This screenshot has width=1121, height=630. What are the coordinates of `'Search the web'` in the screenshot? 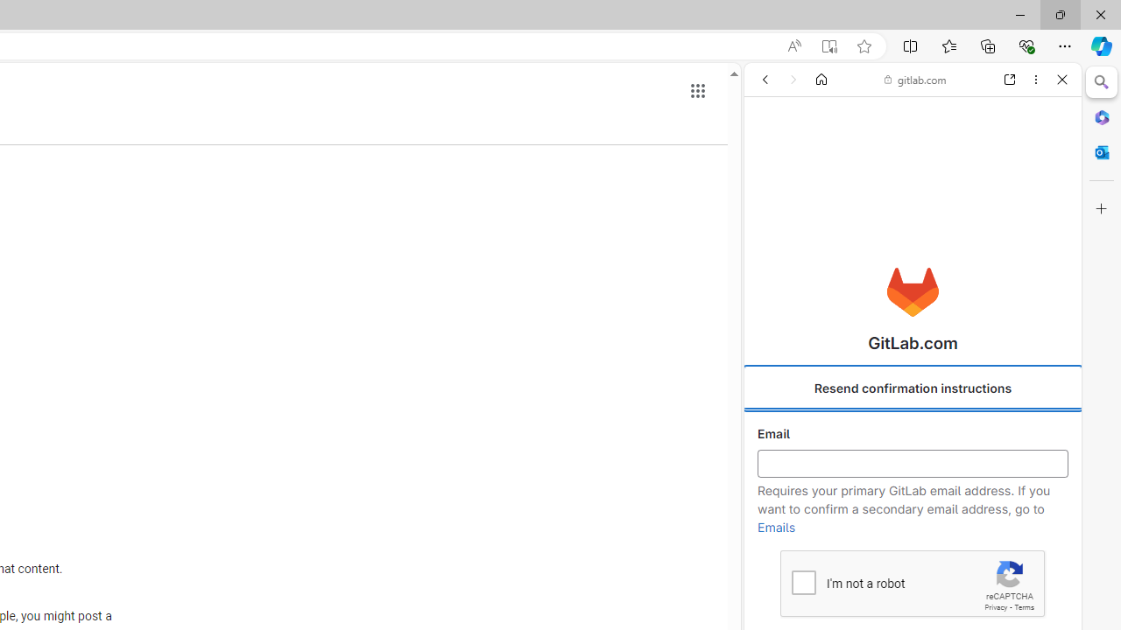 It's located at (920, 120).